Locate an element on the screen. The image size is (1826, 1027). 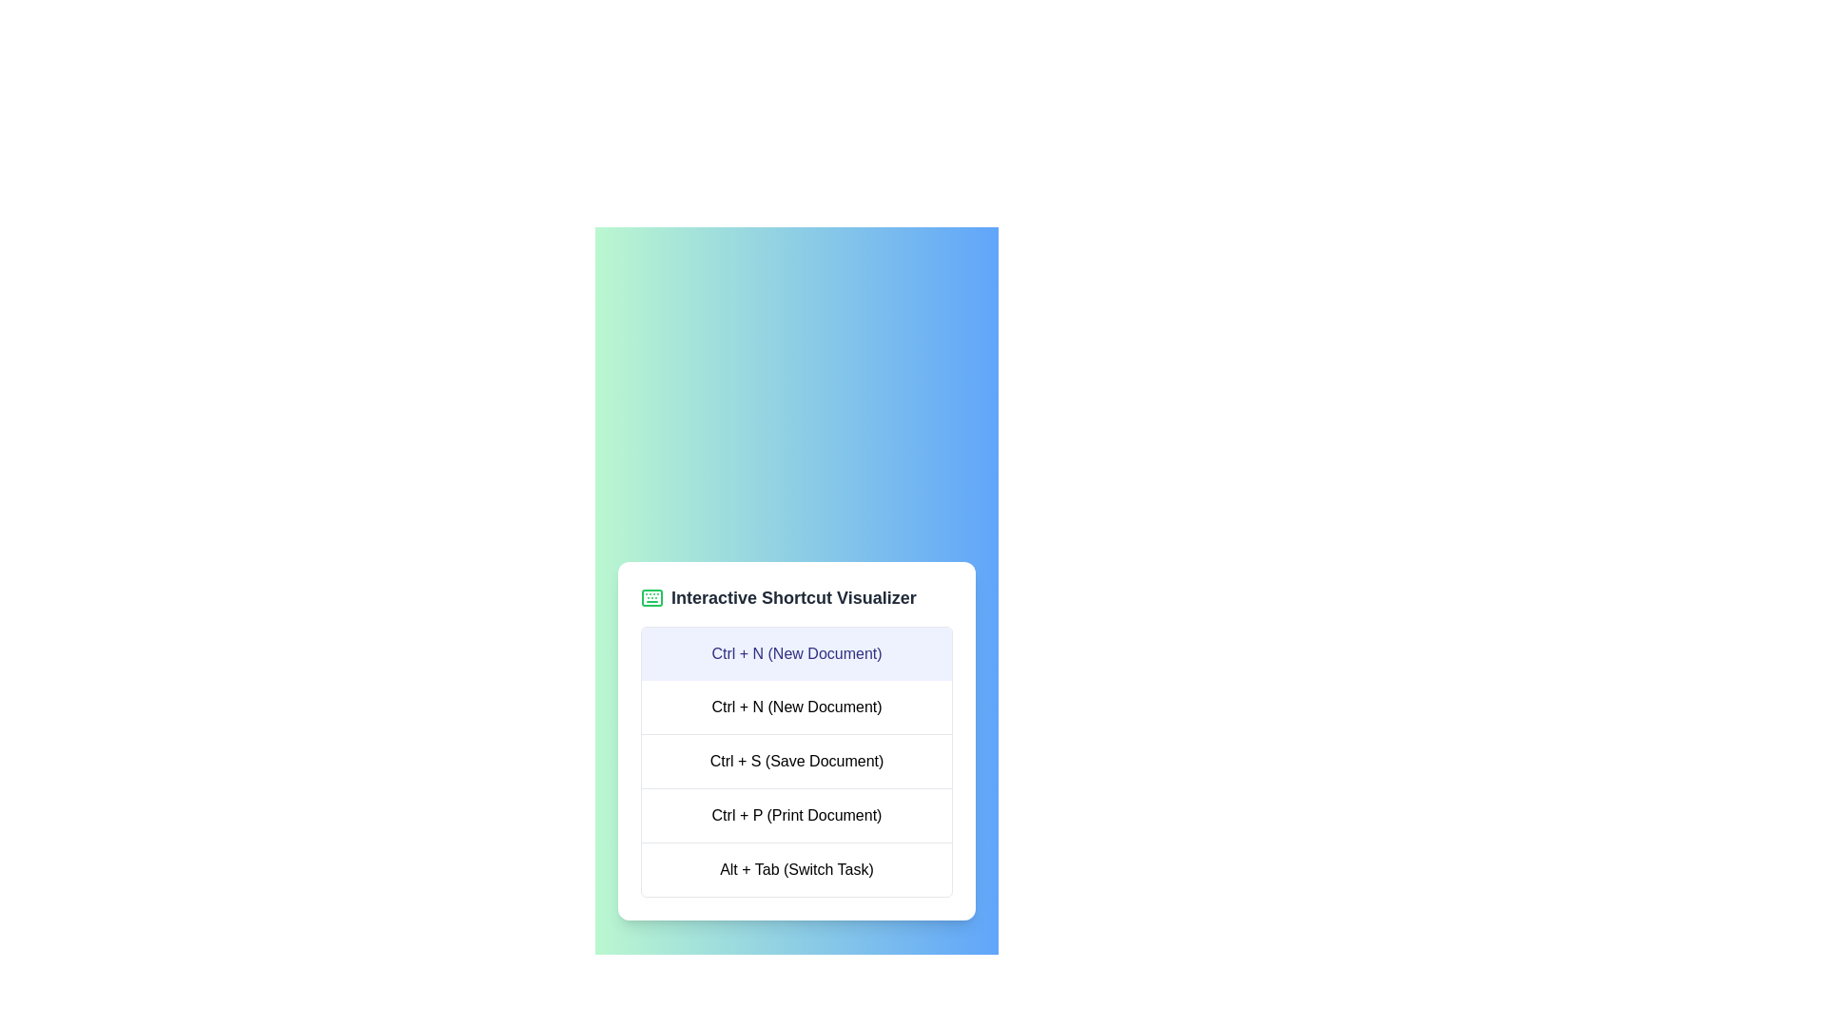
the keyboard icon representing the 'Interactive Shortcut Visualizer' located at the leftmost position in the header text block is located at coordinates (652, 596).